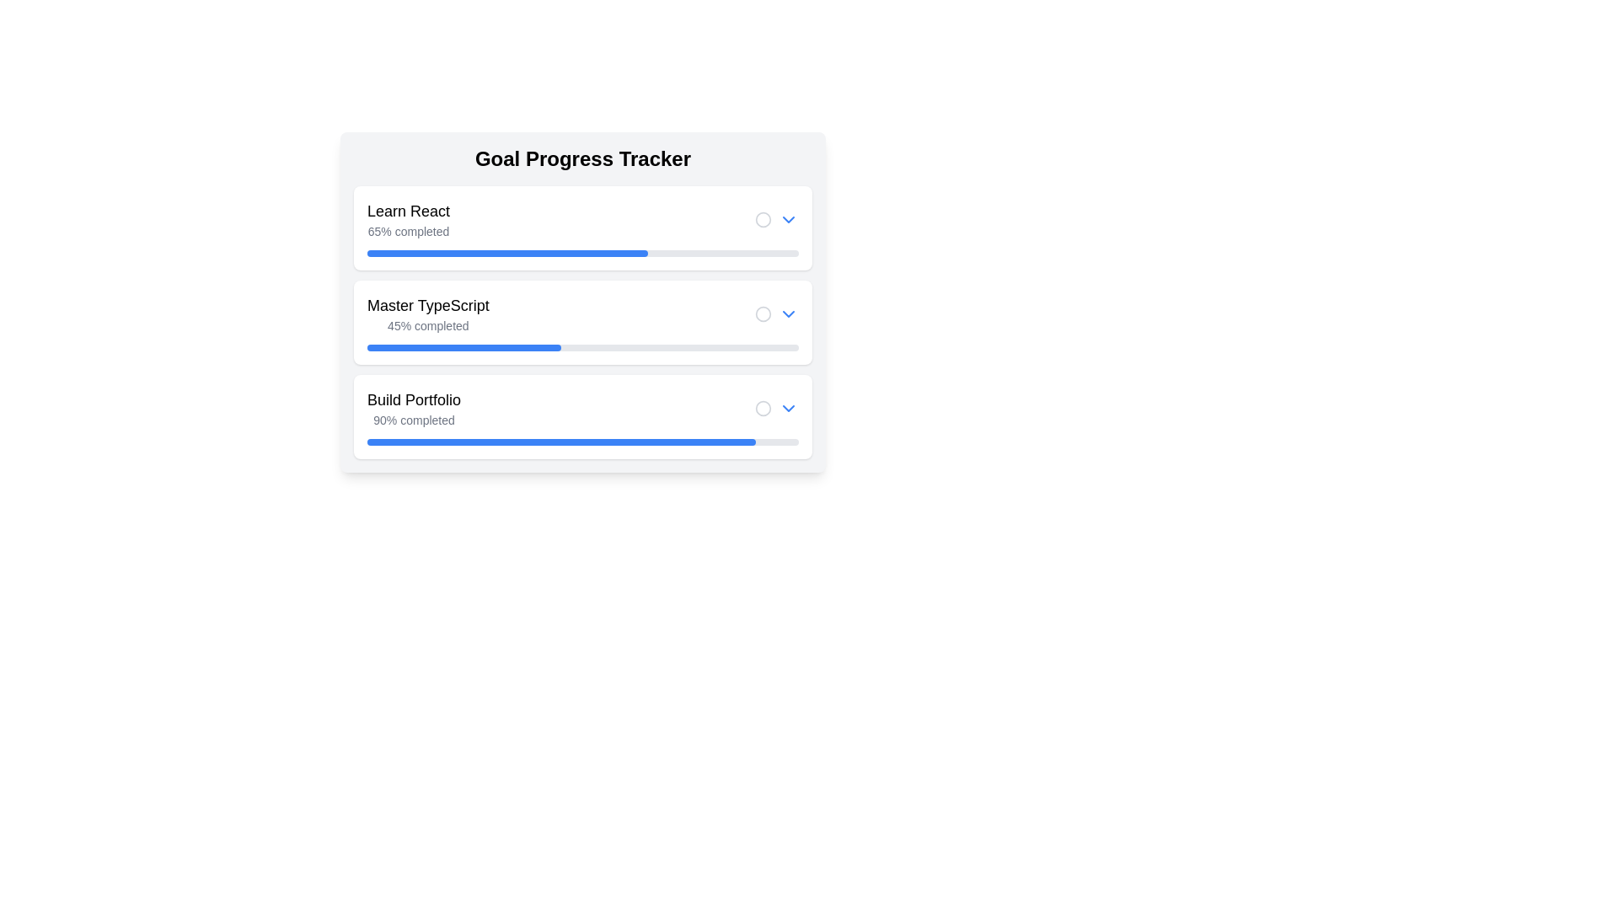 This screenshot has width=1618, height=910. Describe the element at coordinates (763, 219) in the screenshot. I see `the circular gray icon with a thin outline located in the top row of the 'Learn React' progress tracker card, positioned close to an interactive downward-facing chevron` at that location.